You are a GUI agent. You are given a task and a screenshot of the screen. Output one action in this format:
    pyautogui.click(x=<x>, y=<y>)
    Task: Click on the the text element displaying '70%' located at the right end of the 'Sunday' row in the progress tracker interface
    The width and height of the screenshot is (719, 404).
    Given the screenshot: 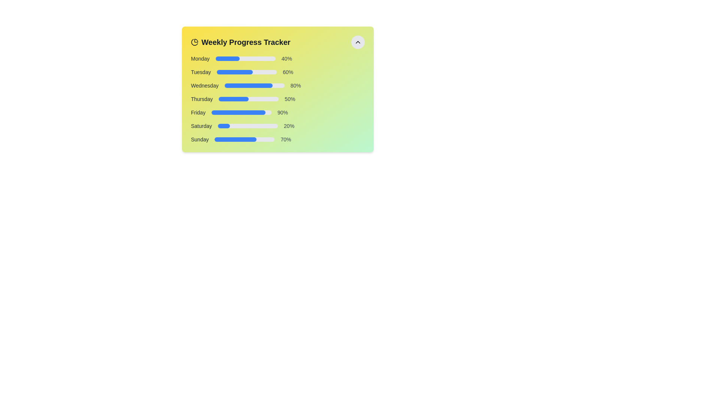 What is the action you would take?
    pyautogui.click(x=285, y=140)
    